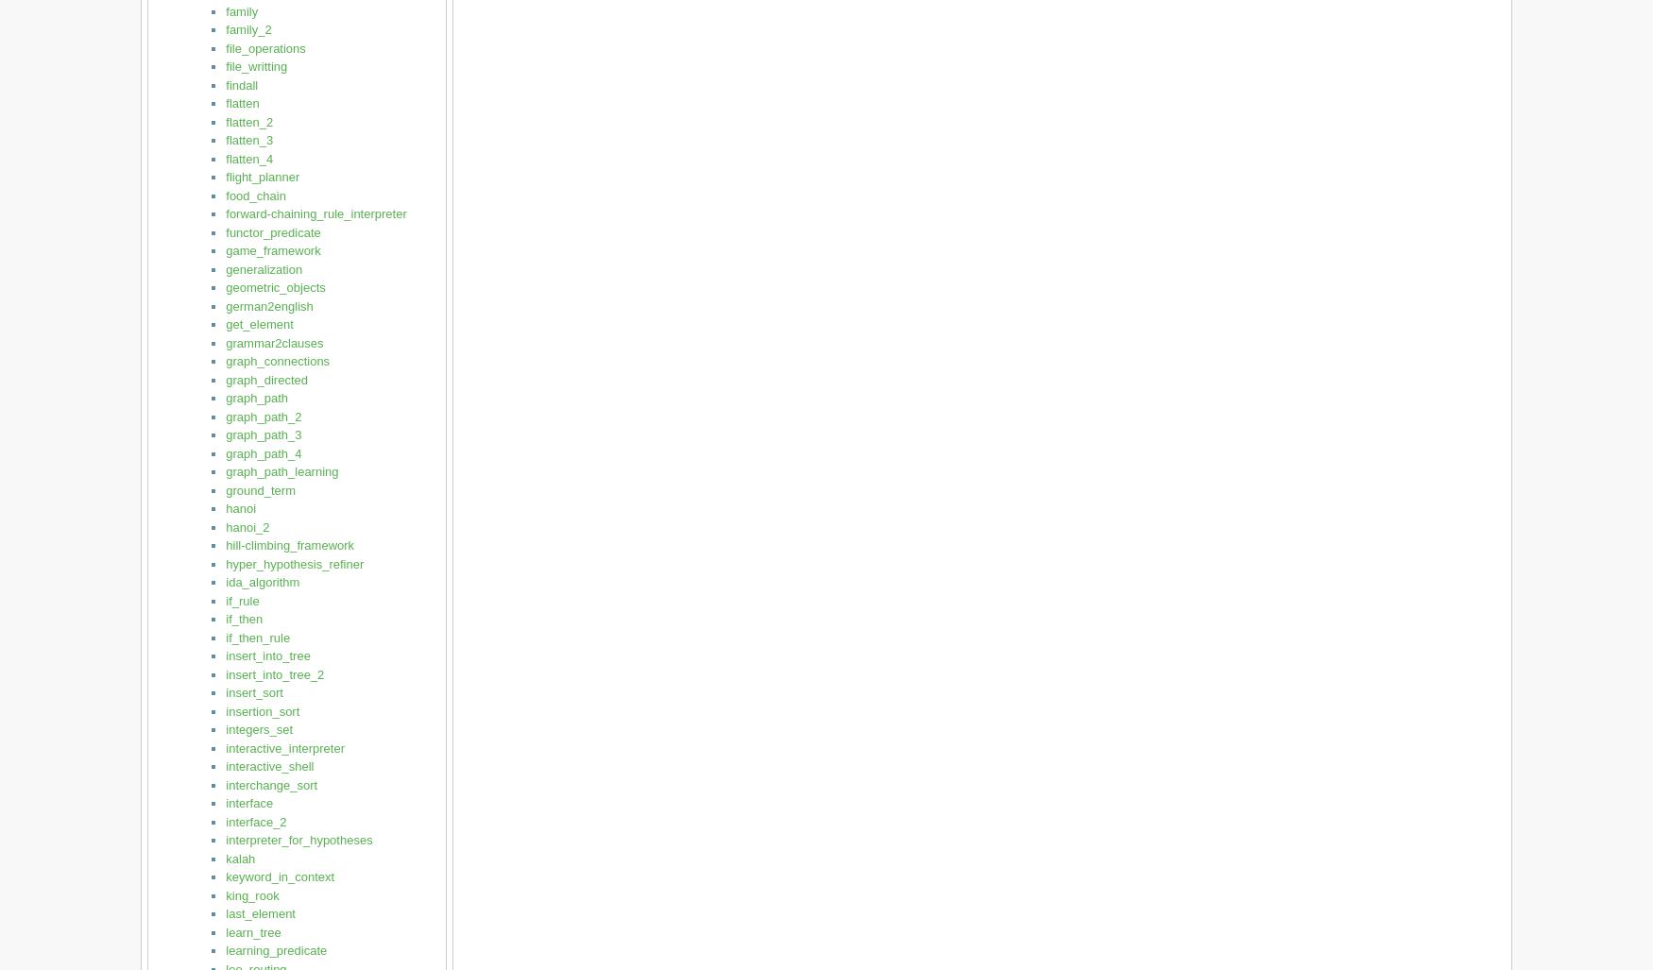  What do you see at coordinates (248, 140) in the screenshot?
I see `'flatten_3'` at bounding box center [248, 140].